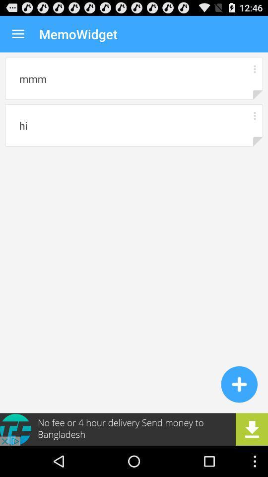  Describe the element at coordinates (239, 384) in the screenshot. I see `new memo` at that location.